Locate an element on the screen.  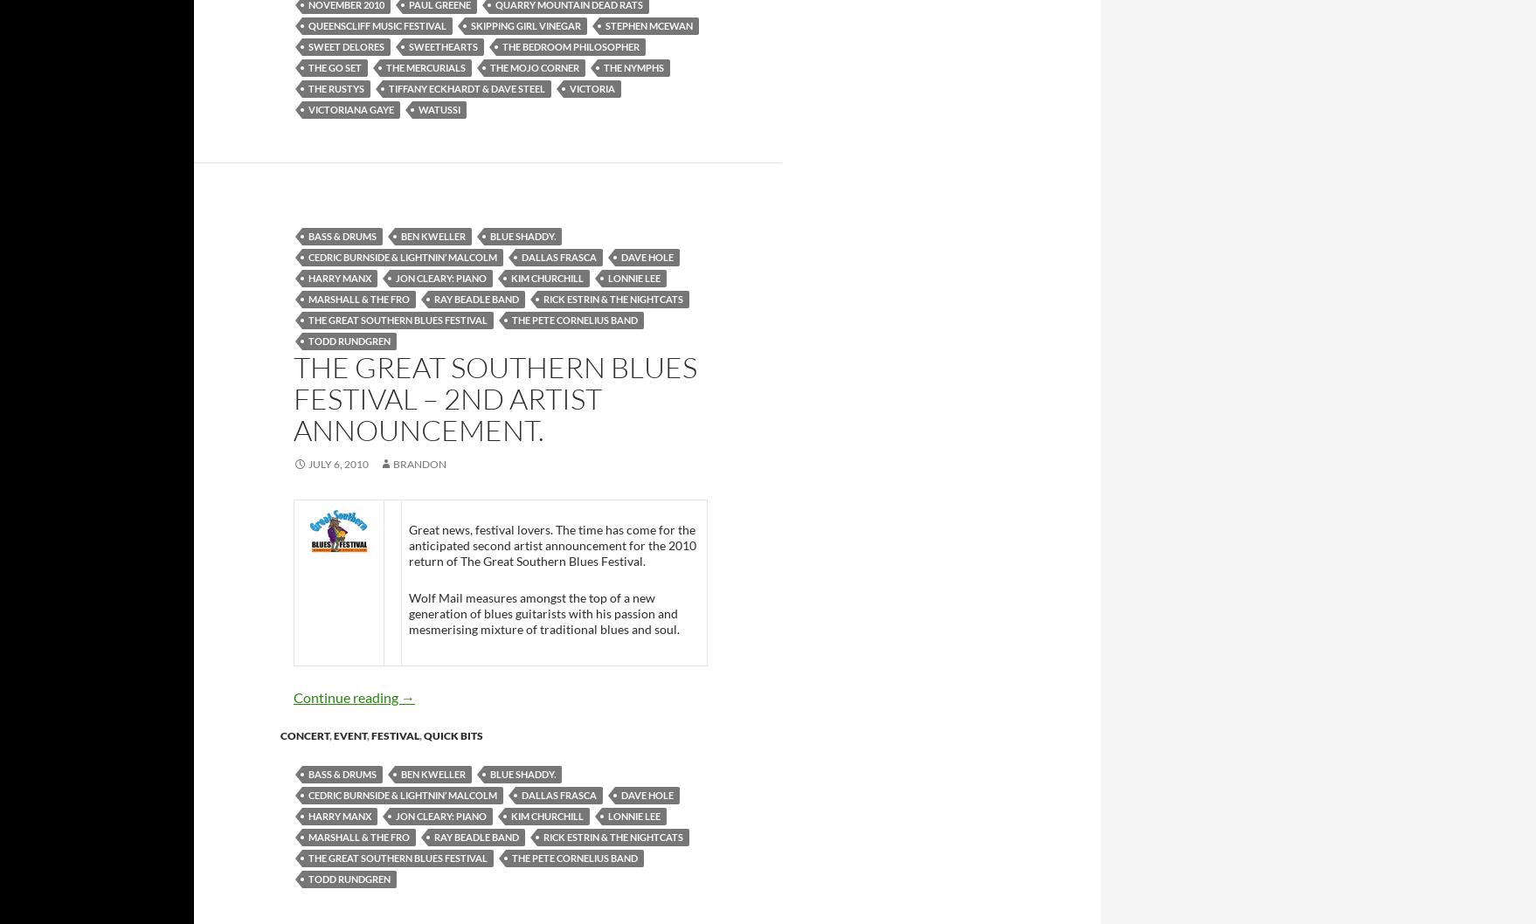
'The Mojo Corner' is located at coordinates (534, 66).